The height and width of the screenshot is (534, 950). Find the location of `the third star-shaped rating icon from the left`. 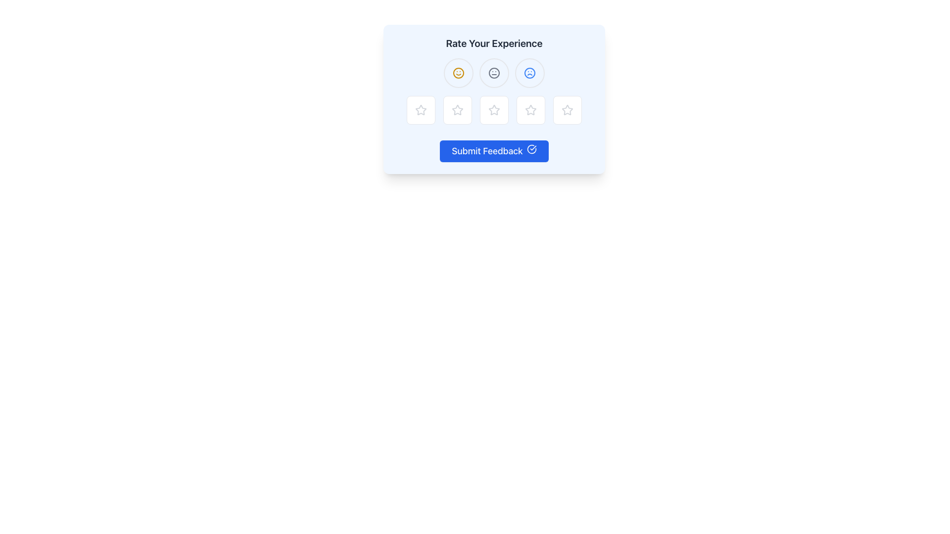

the third star-shaped rating icon from the left is located at coordinates (530, 110).